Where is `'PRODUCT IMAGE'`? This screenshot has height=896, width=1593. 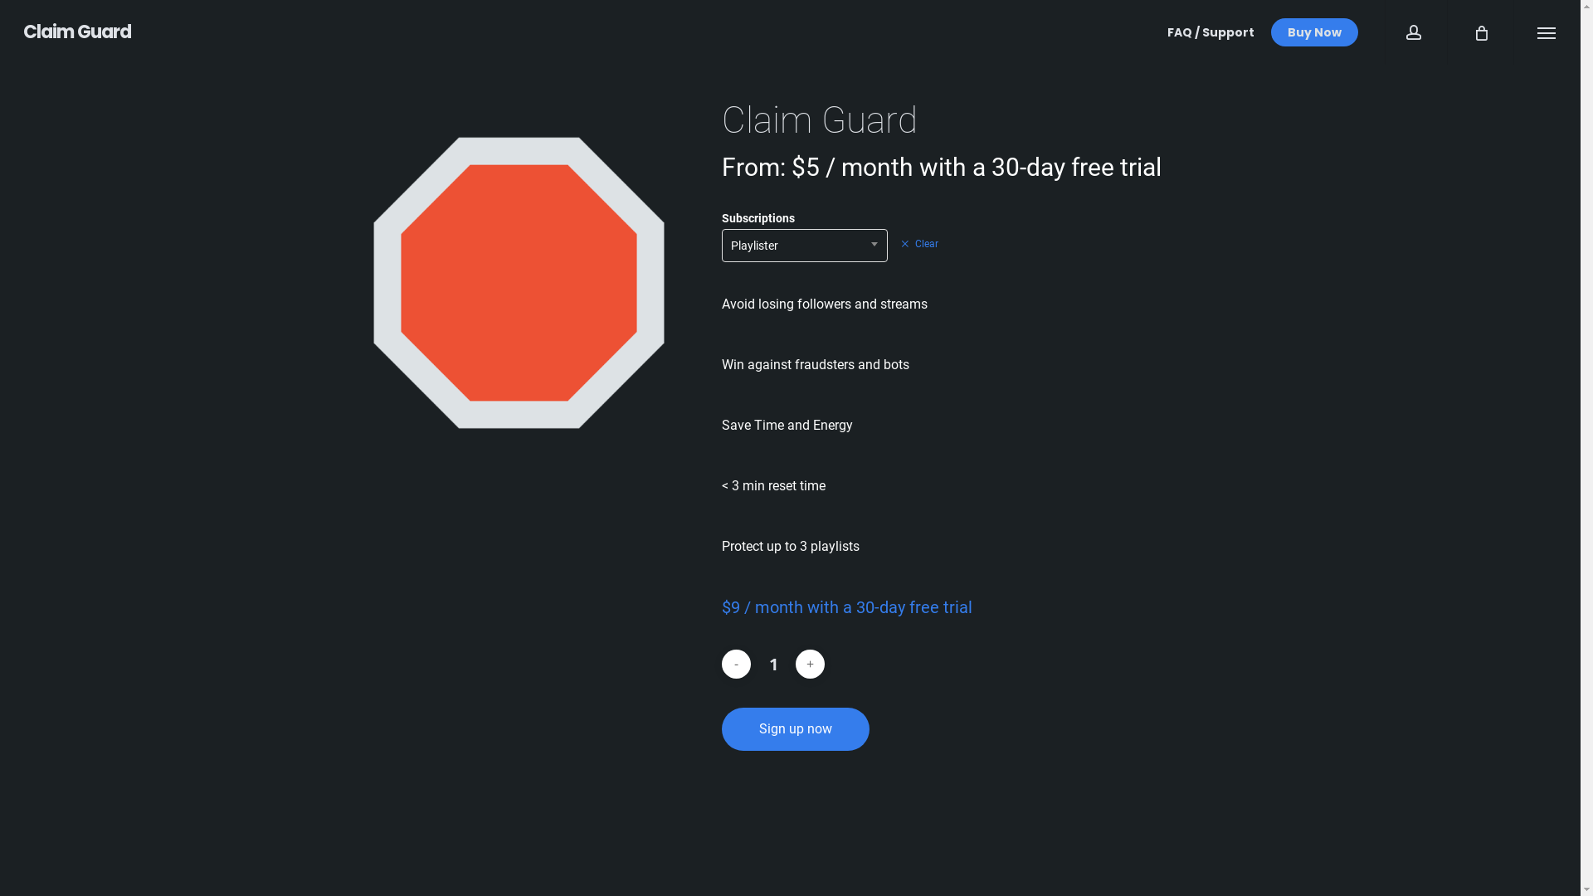
'PRODUCT IMAGE' is located at coordinates (517, 281).